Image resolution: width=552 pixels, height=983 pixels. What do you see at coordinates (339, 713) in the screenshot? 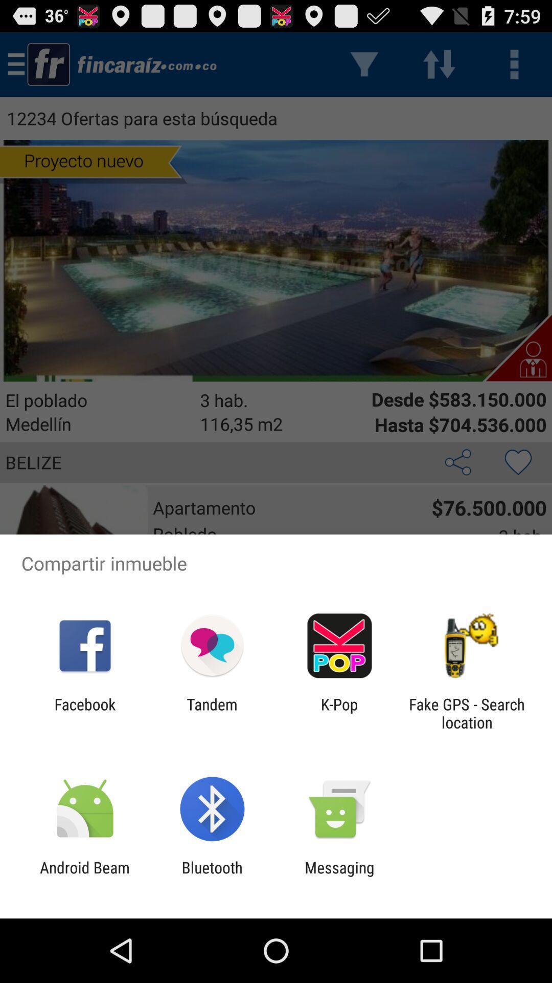
I see `icon to the left of the fake gps search item` at bounding box center [339, 713].